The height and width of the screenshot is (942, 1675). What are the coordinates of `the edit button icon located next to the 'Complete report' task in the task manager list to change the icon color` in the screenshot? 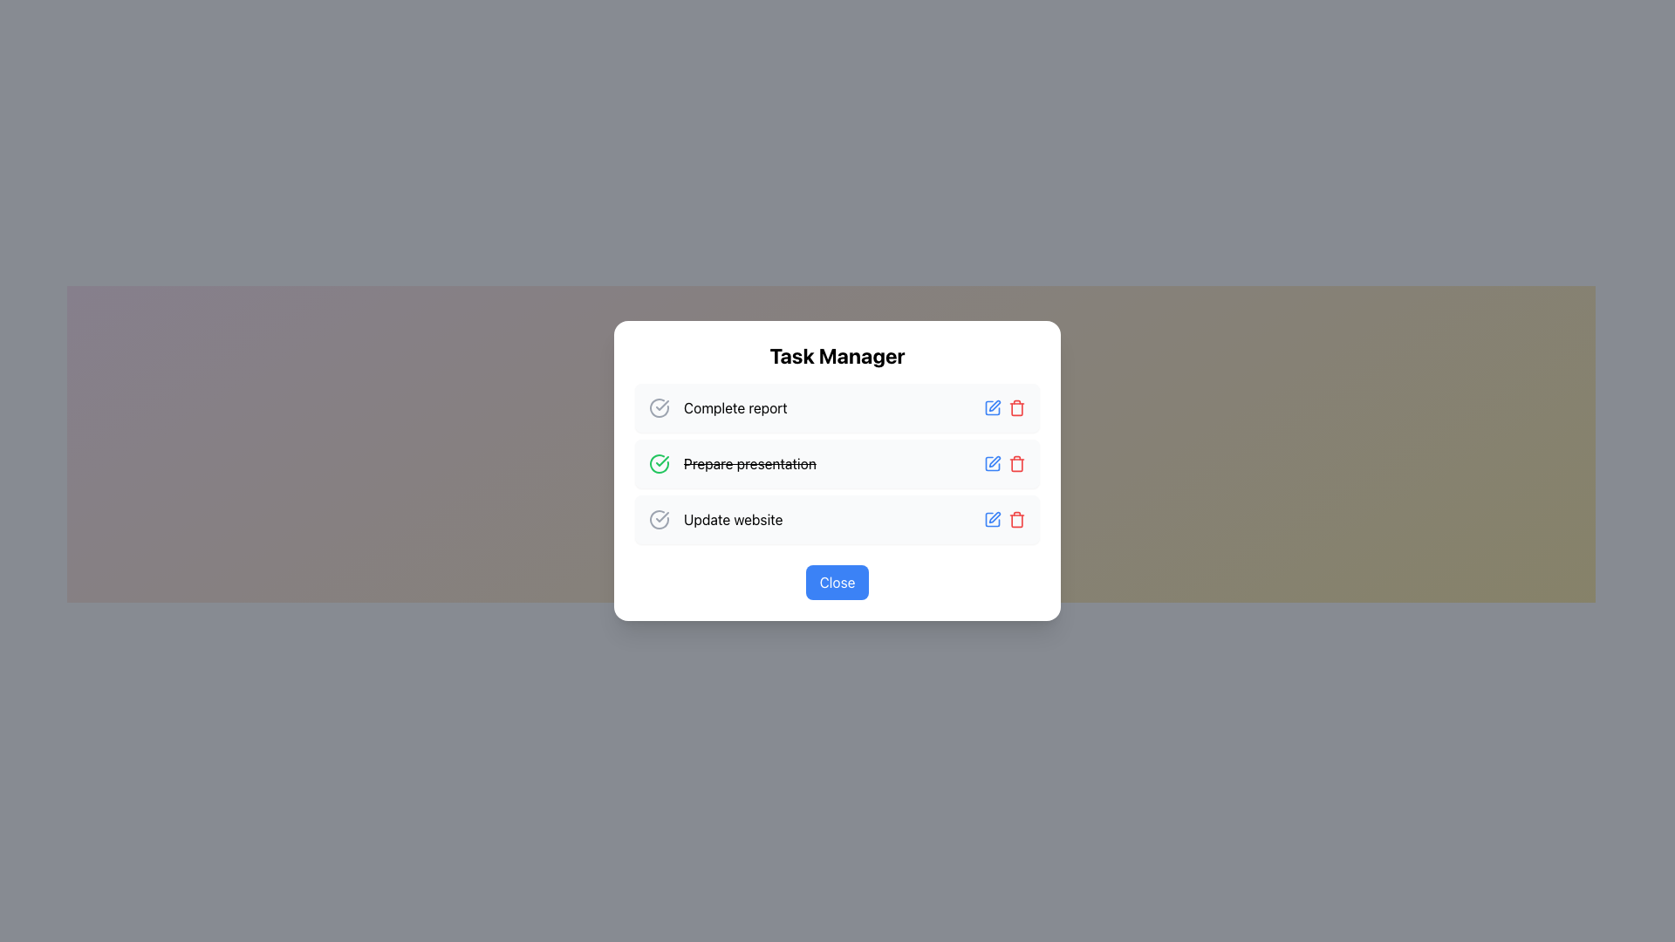 It's located at (992, 407).